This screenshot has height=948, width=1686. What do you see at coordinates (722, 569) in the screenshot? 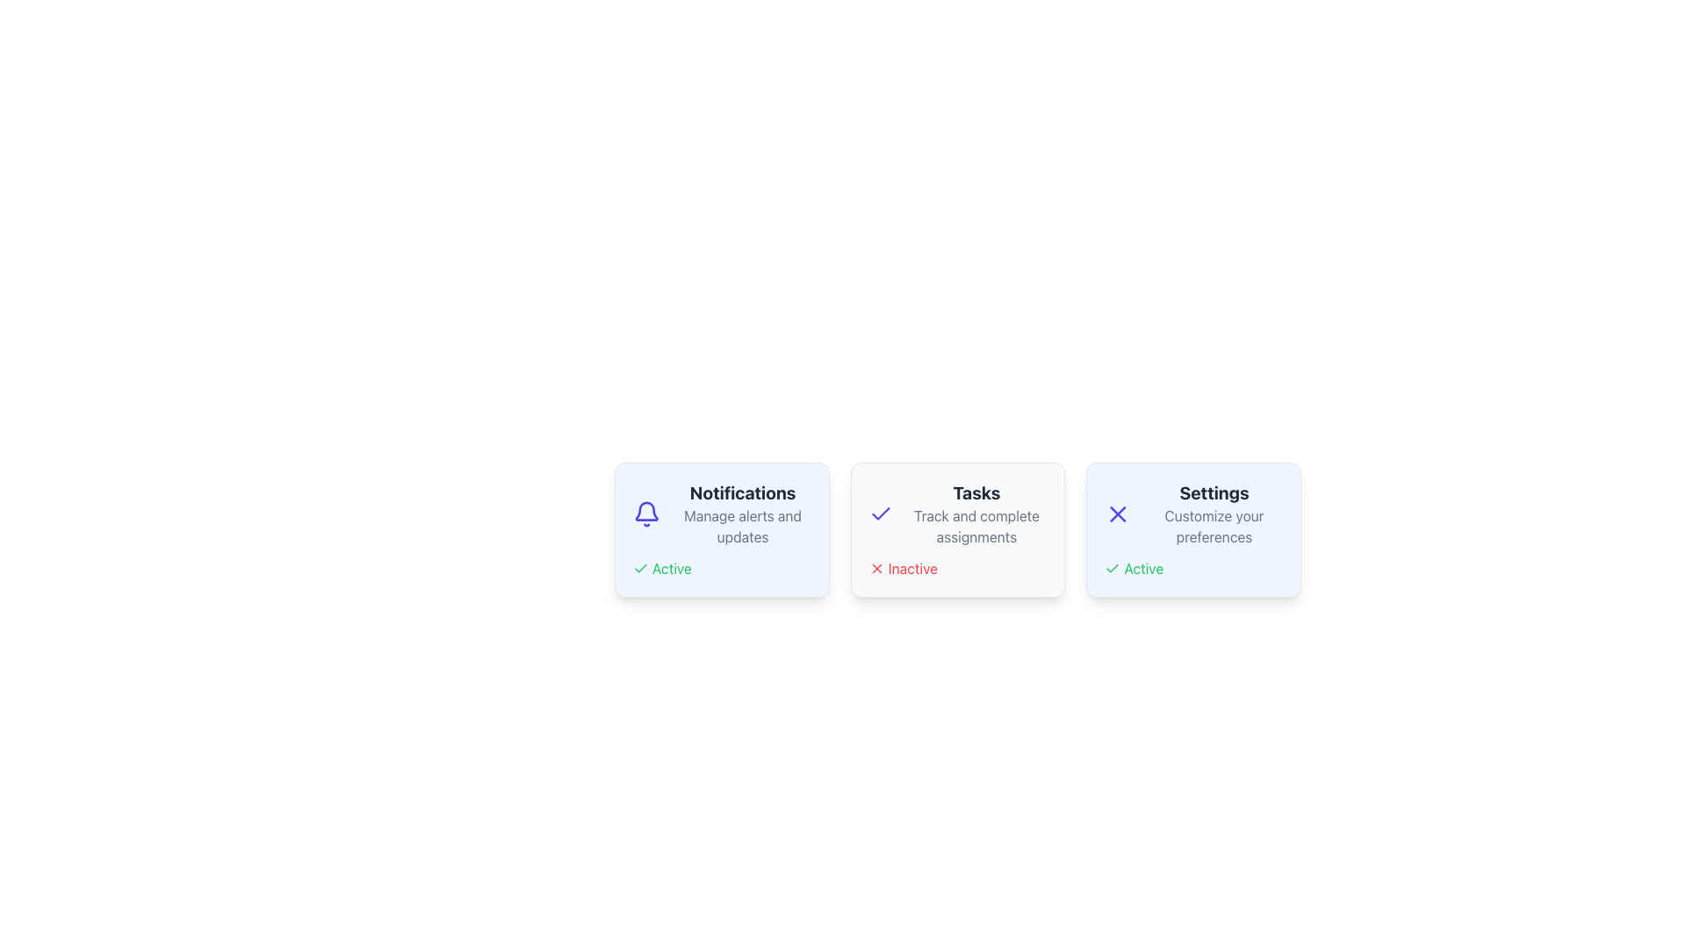
I see `status conveyed by the 'Active' status indicator located within the 'Notifications' card, positioned below 'Manage alerts and updates'` at bounding box center [722, 569].